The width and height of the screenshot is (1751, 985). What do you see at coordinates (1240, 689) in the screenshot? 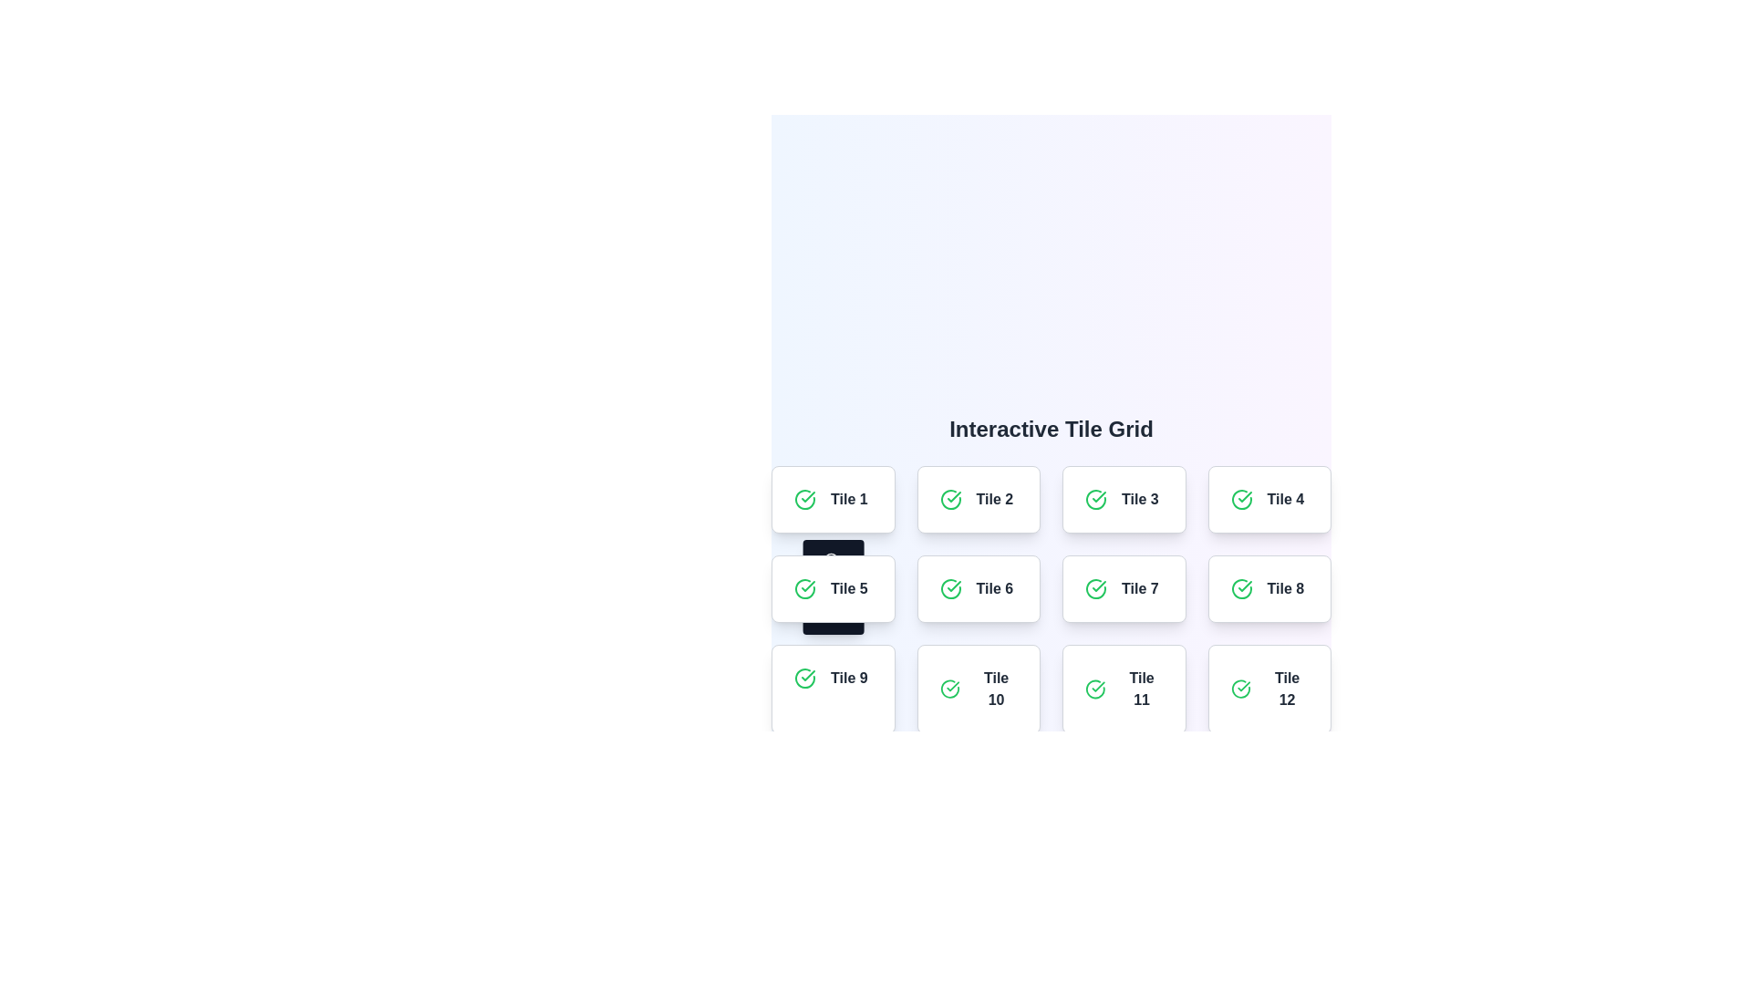
I see `green checkmark icon within a circled boundary located in the bottom-right corner of the grid for developer purposes` at bounding box center [1240, 689].